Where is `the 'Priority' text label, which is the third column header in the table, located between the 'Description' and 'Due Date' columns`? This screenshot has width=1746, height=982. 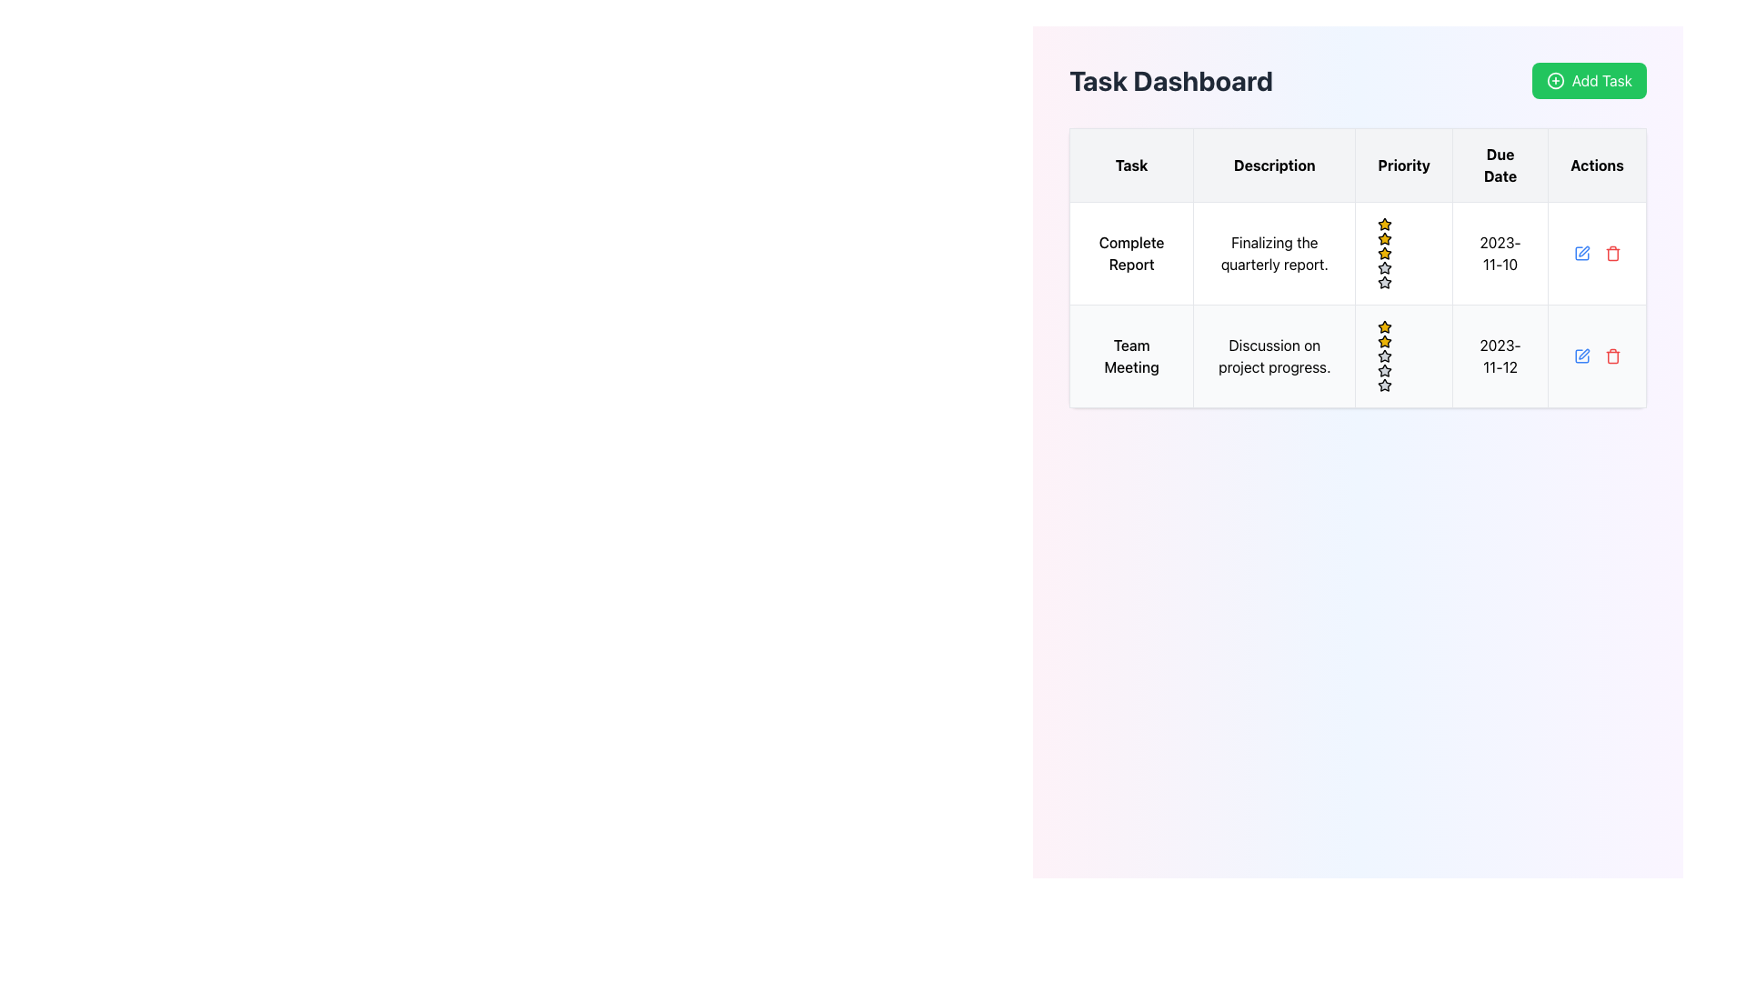 the 'Priority' text label, which is the third column header in the table, located between the 'Description' and 'Due Date' columns is located at coordinates (1403, 165).